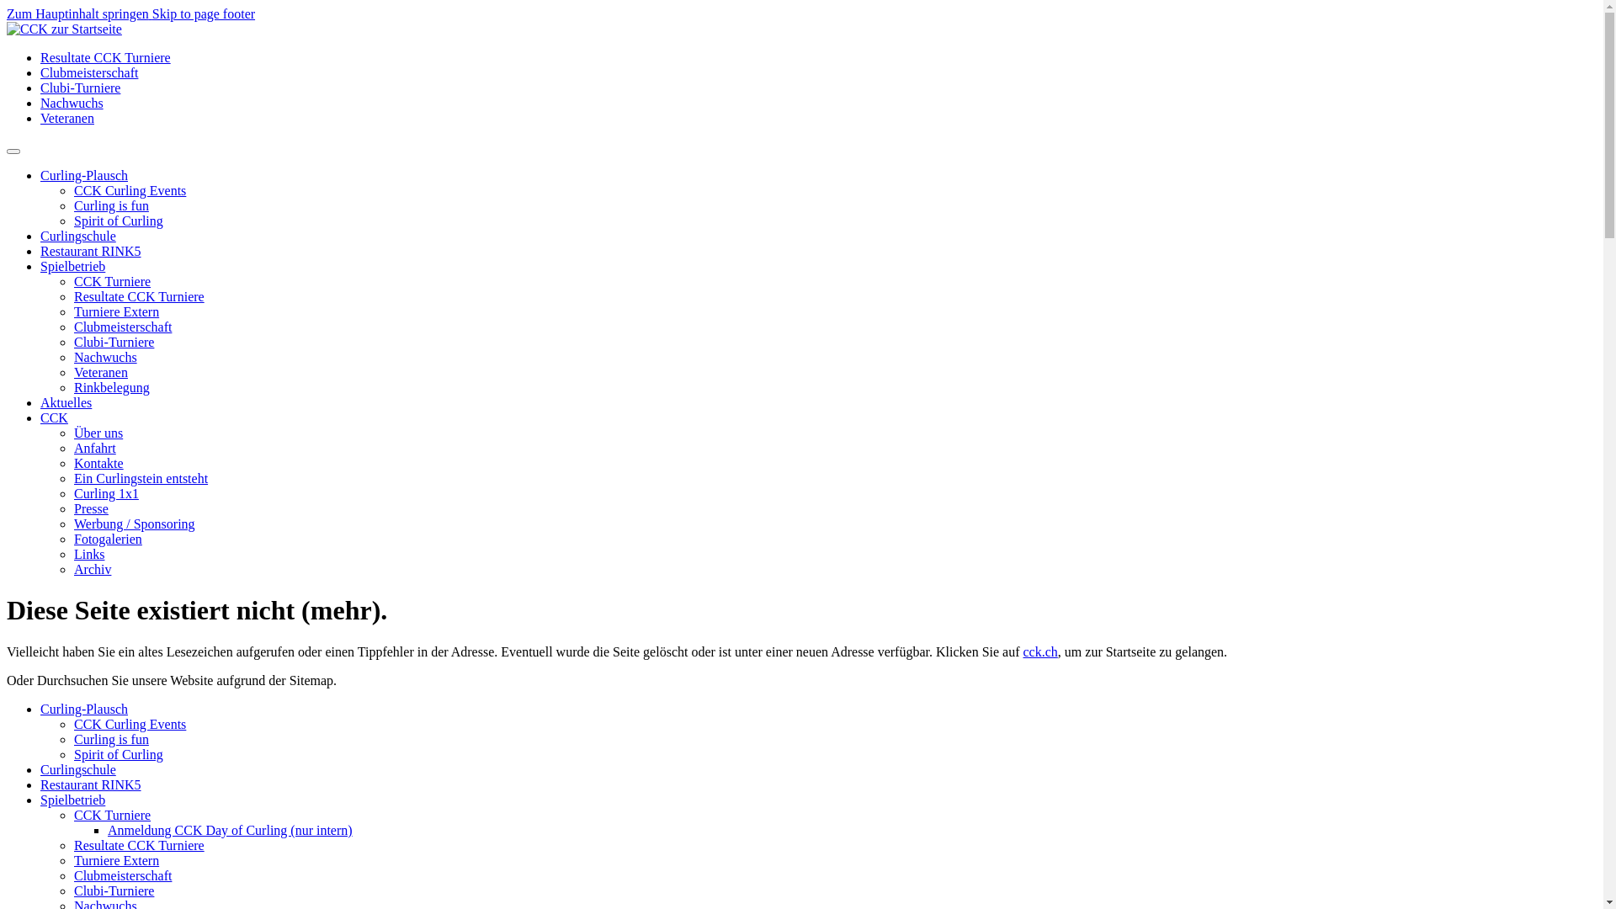 The width and height of the screenshot is (1616, 909). Describe the element at coordinates (77, 236) in the screenshot. I see `'Curlingschule'` at that location.